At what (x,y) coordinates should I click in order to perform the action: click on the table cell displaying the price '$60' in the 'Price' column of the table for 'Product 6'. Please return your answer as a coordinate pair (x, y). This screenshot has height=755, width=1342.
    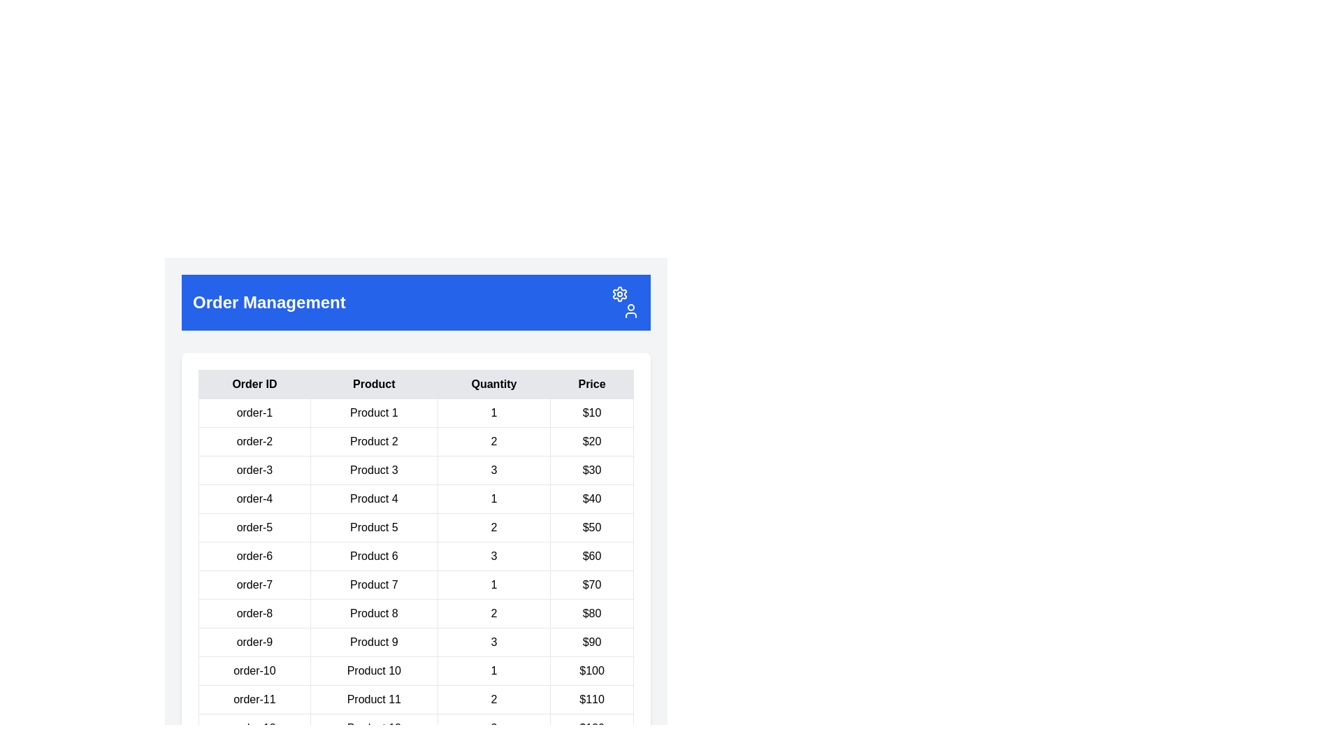
    Looking at the image, I should click on (592, 555).